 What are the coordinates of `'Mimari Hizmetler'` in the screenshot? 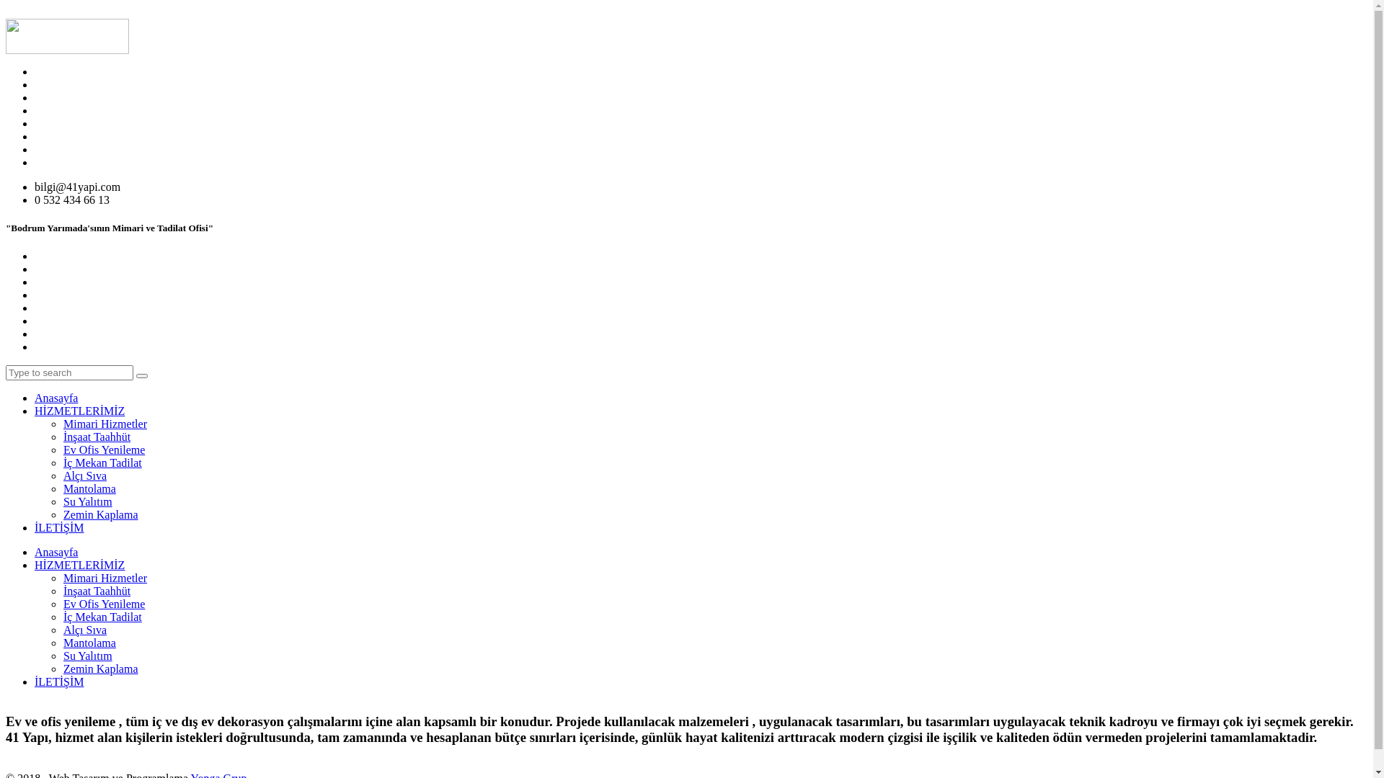 It's located at (104, 577).